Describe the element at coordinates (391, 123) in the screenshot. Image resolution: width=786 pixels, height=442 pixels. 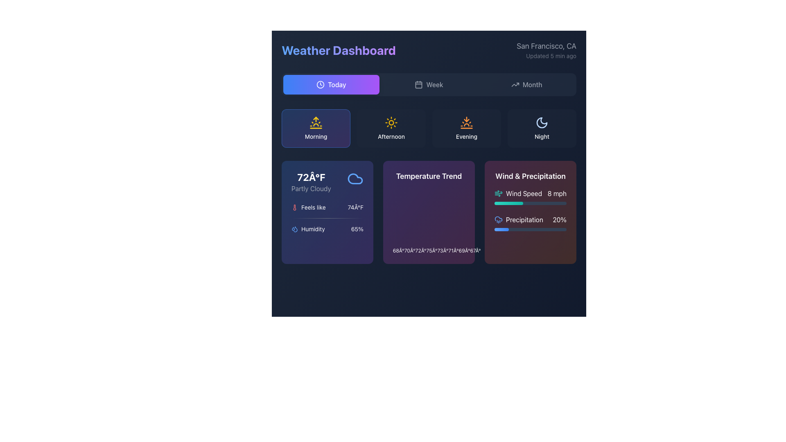
I see `the afternoon weather icon, which is the primary visual in the 'Afternoon' section of the weather dashboard, positioned between 'Morning' and 'Evening'` at that location.